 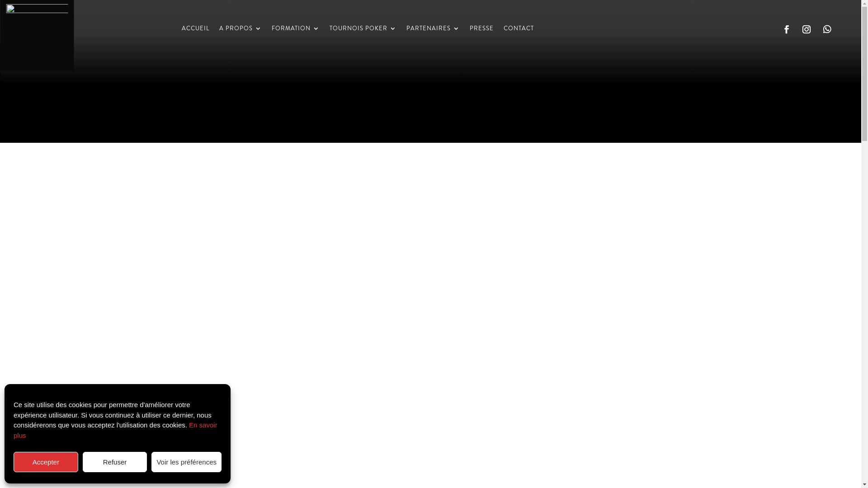 What do you see at coordinates (36, 34) in the screenshot?
I see `'Casino-formation-logoBlanc'` at bounding box center [36, 34].